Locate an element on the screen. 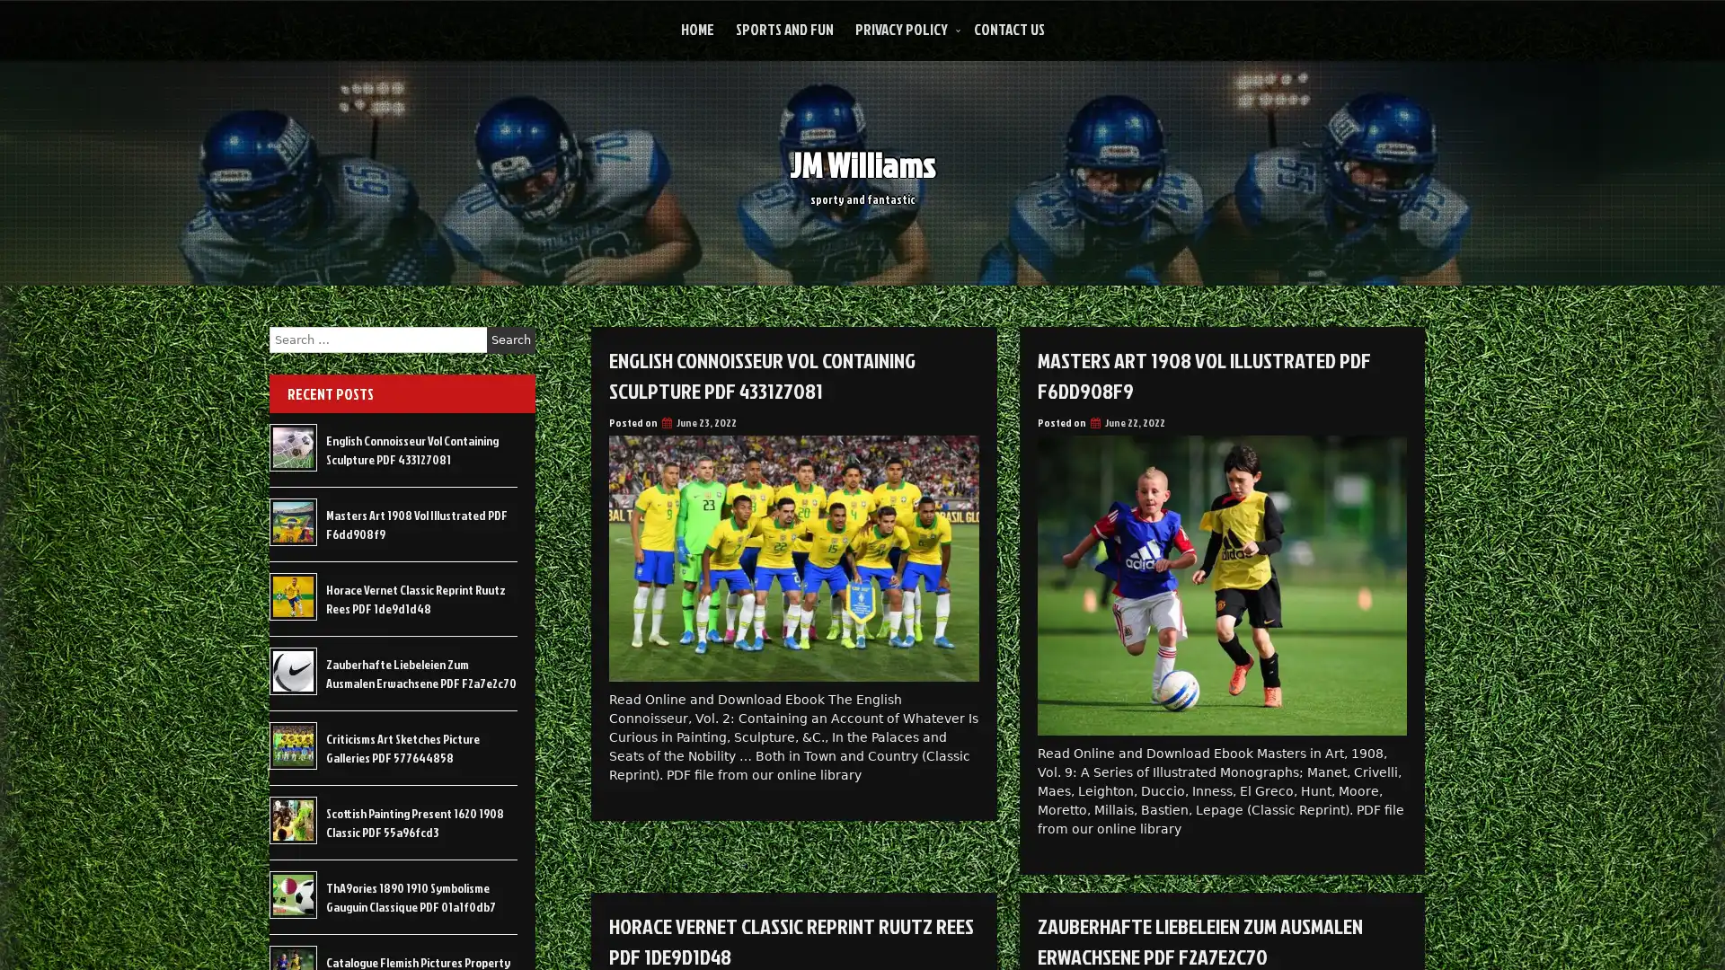 This screenshot has height=970, width=1725. Search is located at coordinates (510, 339).